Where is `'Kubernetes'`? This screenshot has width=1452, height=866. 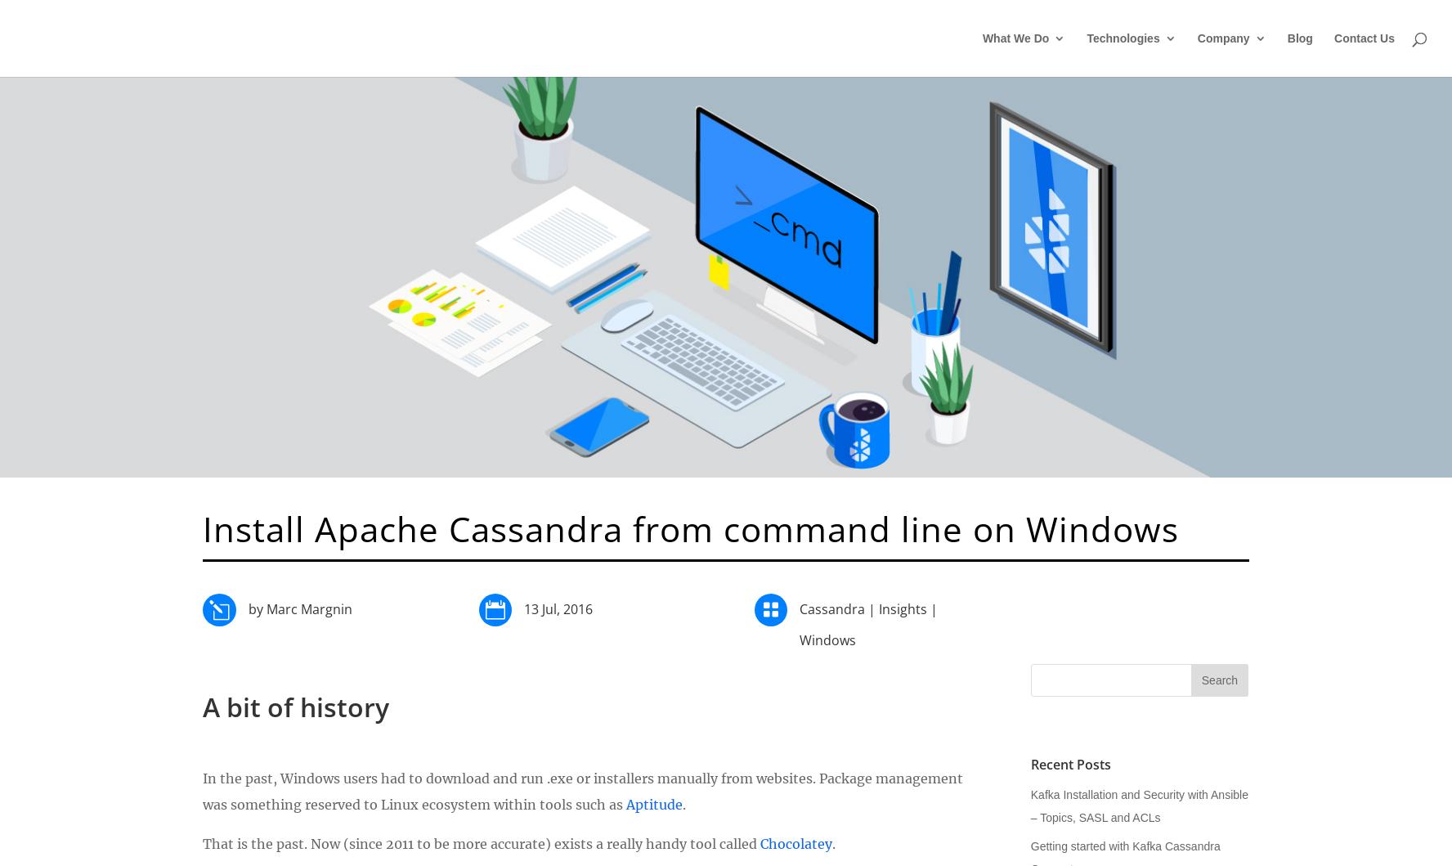 'Kubernetes' is located at coordinates (1346, 143).